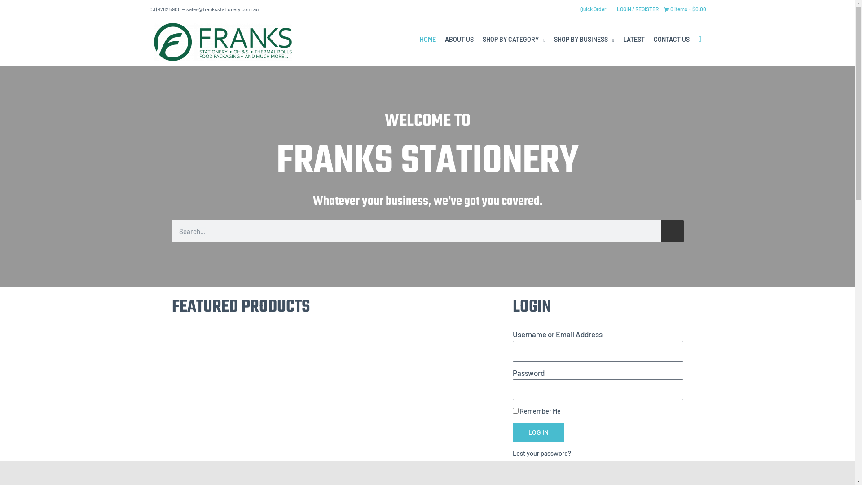 The width and height of the screenshot is (862, 485). Describe the element at coordinates (538, 432) in the screenshot. I see `'LOG IN'` at that location.